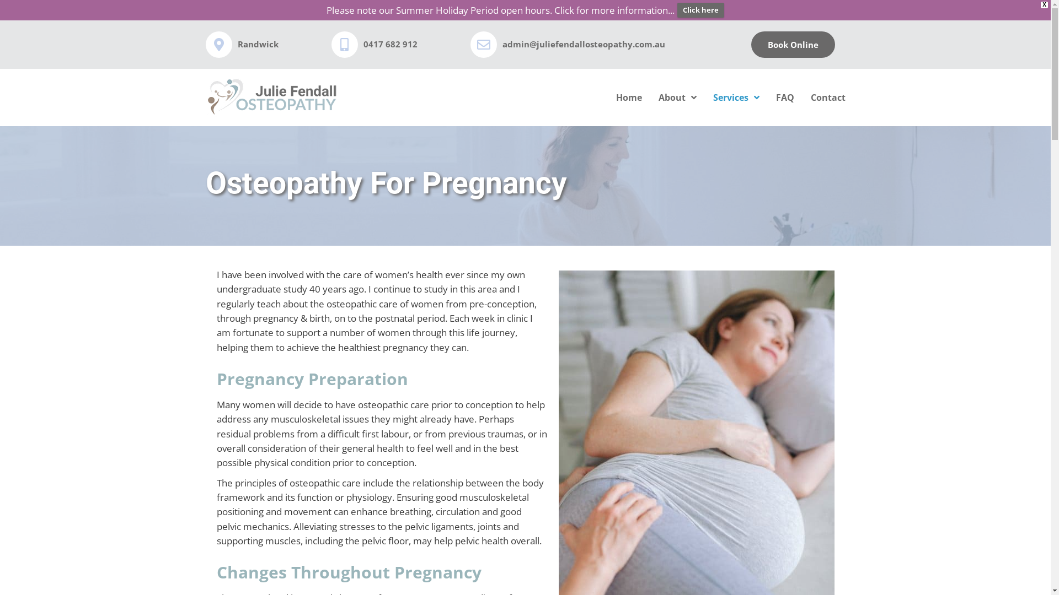 This screenshot has height=595, width=1059. What do you see at coordinates (677, 97) in the screenshot?
I see `'About'` at bounding box center [677, 97].